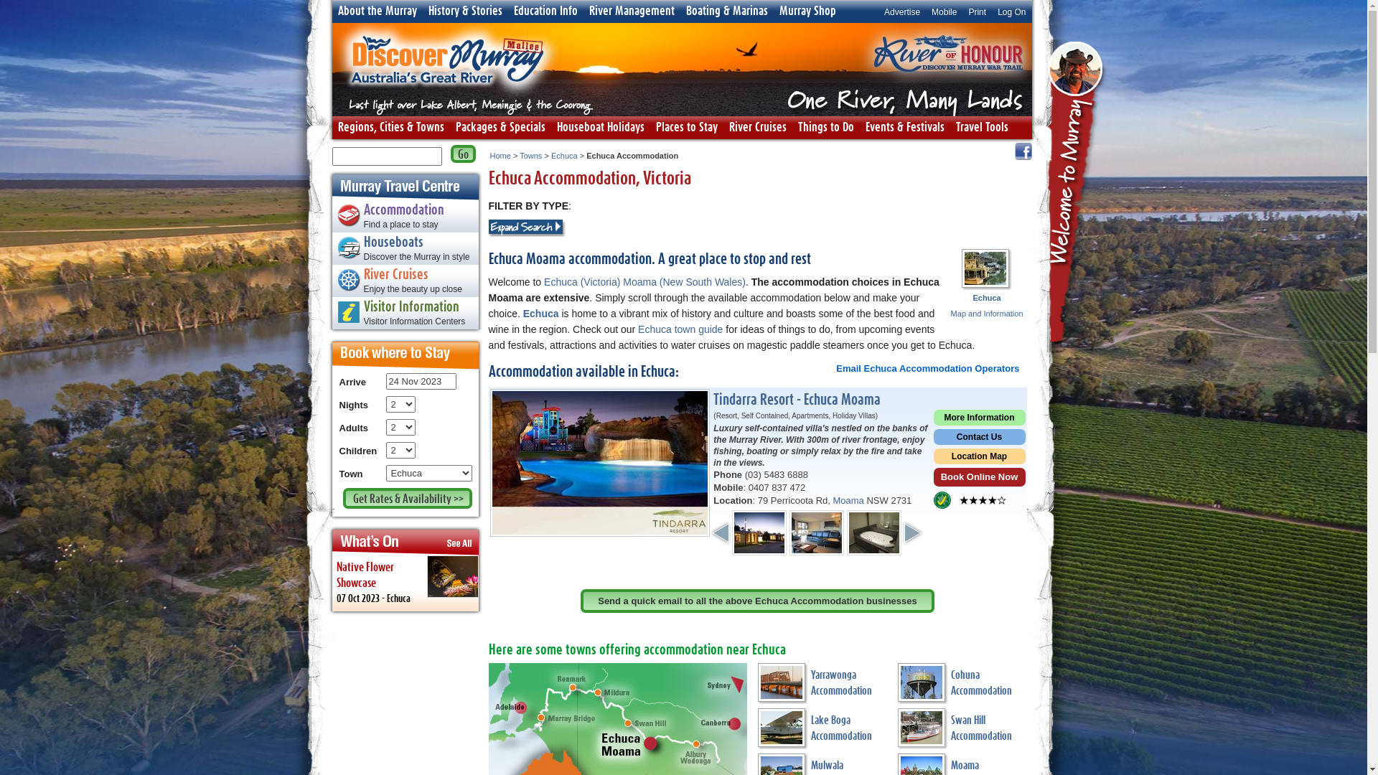 This screenshot has height=775, width=1378. Describe the element at coordinates (961, 269) in the screenshot. I see `'Echuca map and information'` at that location.